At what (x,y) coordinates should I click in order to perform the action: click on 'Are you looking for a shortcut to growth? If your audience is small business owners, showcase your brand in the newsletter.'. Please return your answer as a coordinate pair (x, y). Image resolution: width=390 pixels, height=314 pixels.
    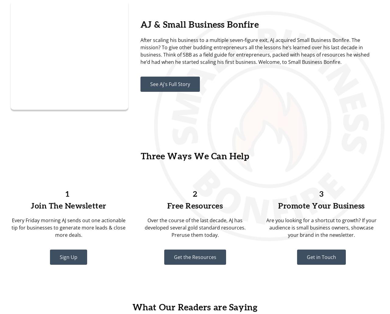
    Looking at the image, I should click on (321, 228).